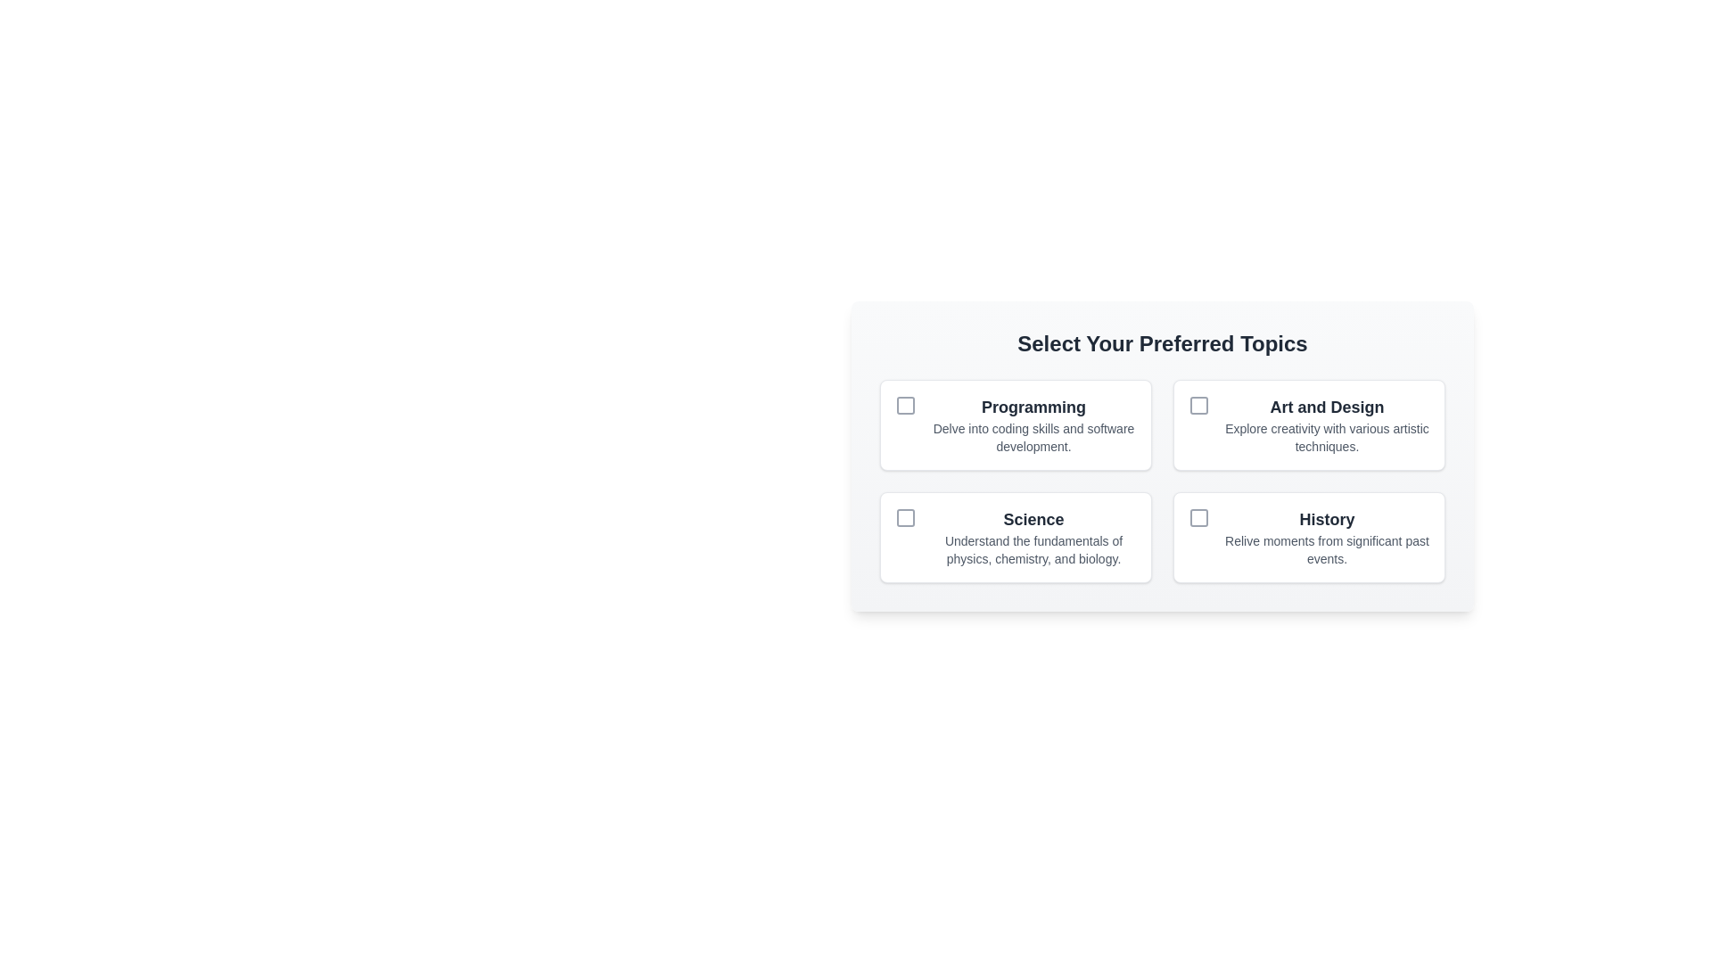  What do you see at coordinates (906, 518) in the screenshot?
I see `the checkbox located within the 'Science' option box` at bounding box center [906, 518].